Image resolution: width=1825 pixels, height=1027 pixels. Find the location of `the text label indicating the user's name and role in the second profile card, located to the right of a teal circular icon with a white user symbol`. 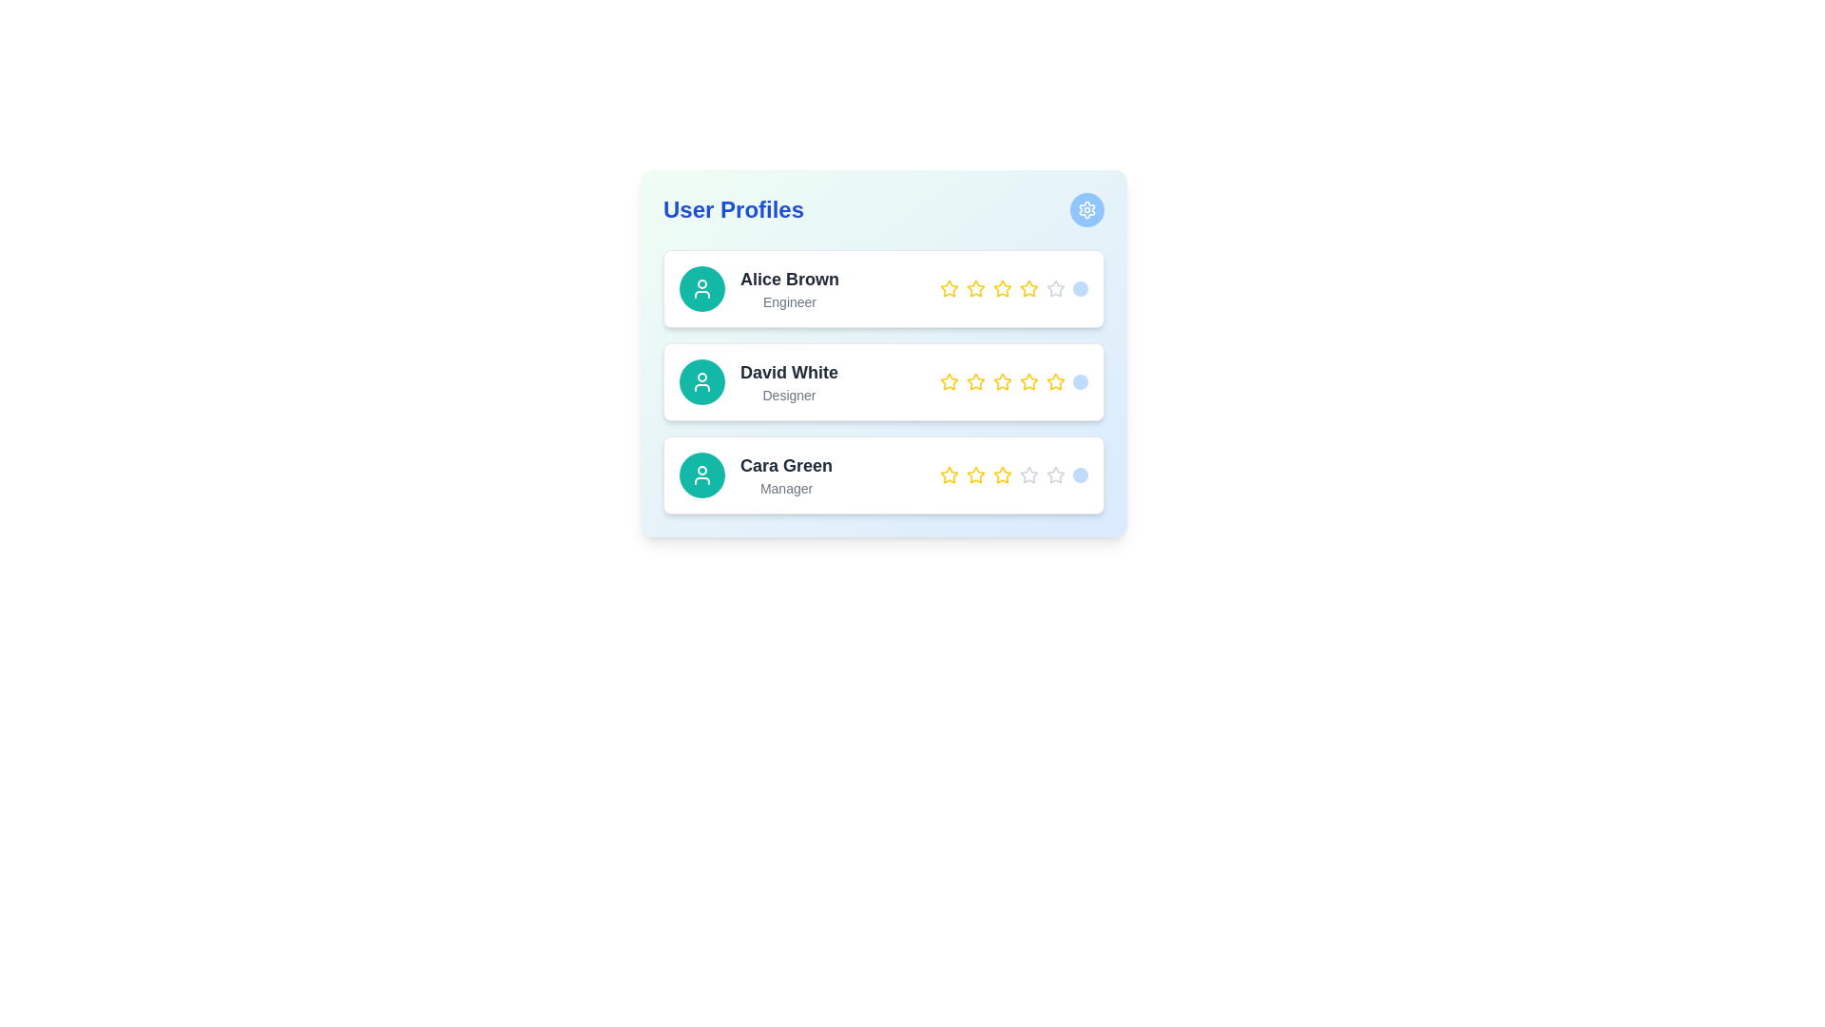

the text label indicating the user's name and role in the second profile card, located to the right of a teal circular icon with a white user symbol is located at coordinates (789, 381).